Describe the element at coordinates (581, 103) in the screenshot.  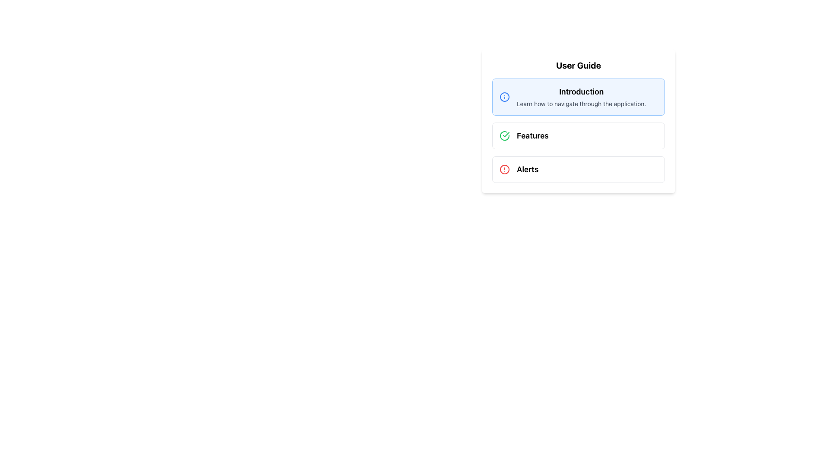
I see `the static text element providing descriptive information related to the 'Introduction' section, located below the bold text labeled 'Introduction' in the user guide` at that location.